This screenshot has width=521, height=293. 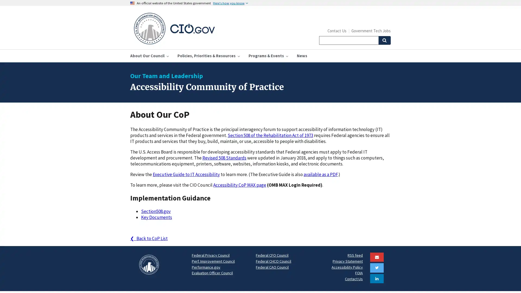 I want to click on Here's how you know, so click(x=230, y=3).